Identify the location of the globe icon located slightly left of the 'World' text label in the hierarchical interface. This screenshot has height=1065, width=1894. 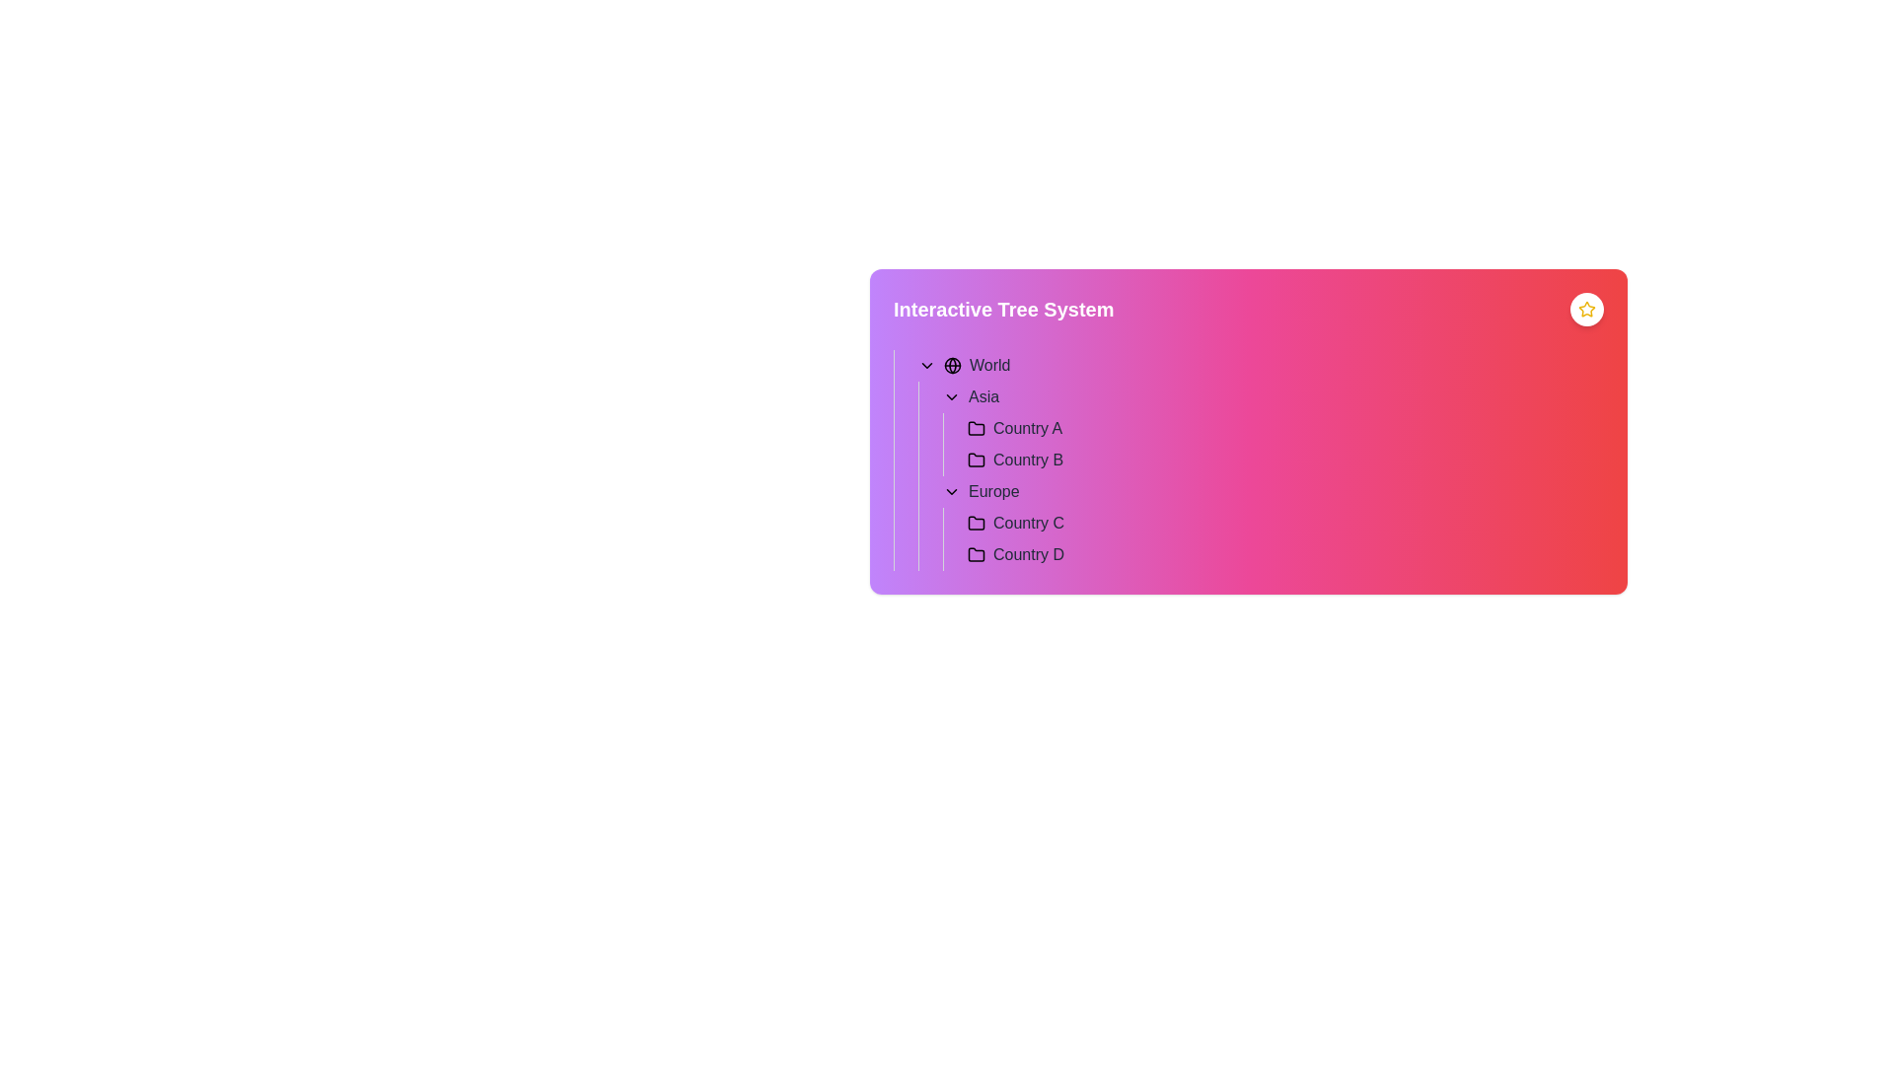
(952, 365).